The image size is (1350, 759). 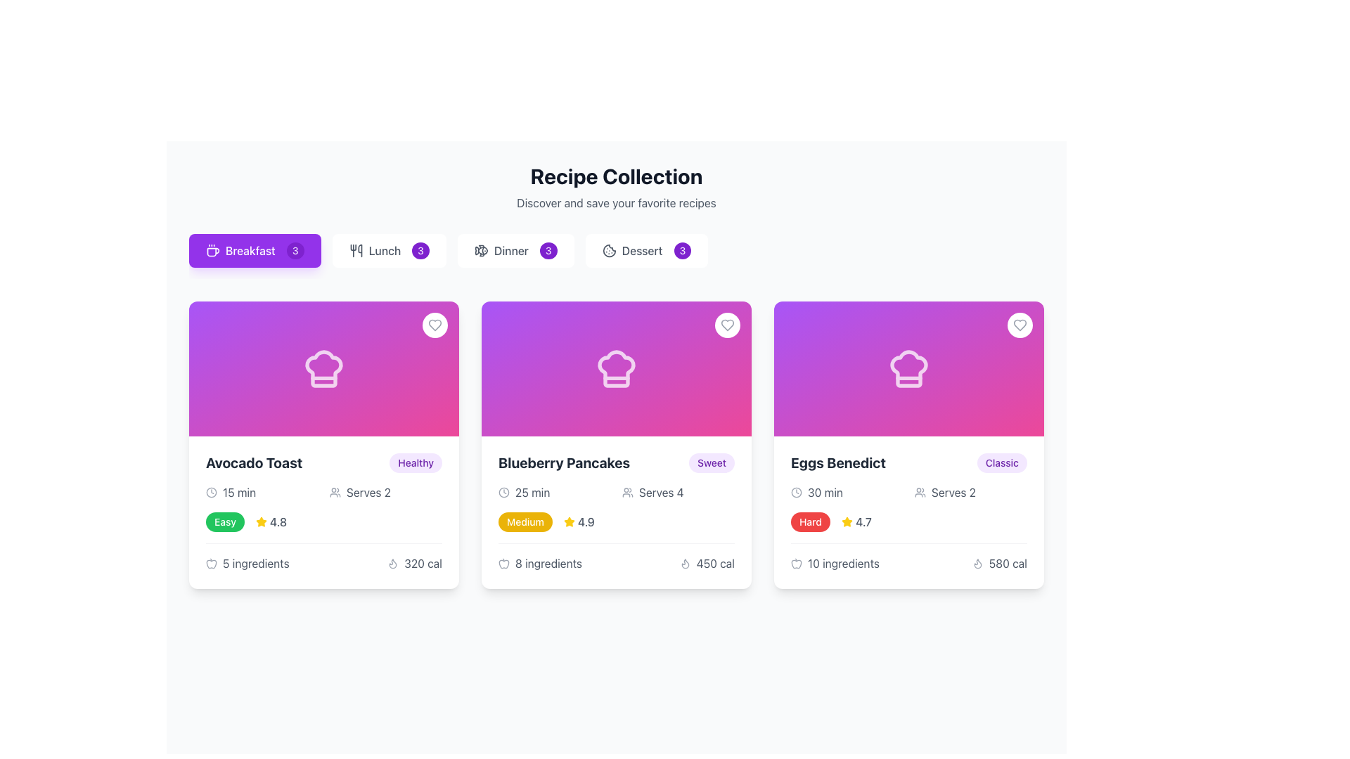 What do you see at coordinates (515, 250) in the screenshot?
I see `the 'Dinner' button, which has a white background, a fish icon on the left, and a purple badge with '3', to filter recipes` at bounding box center [515, 250].